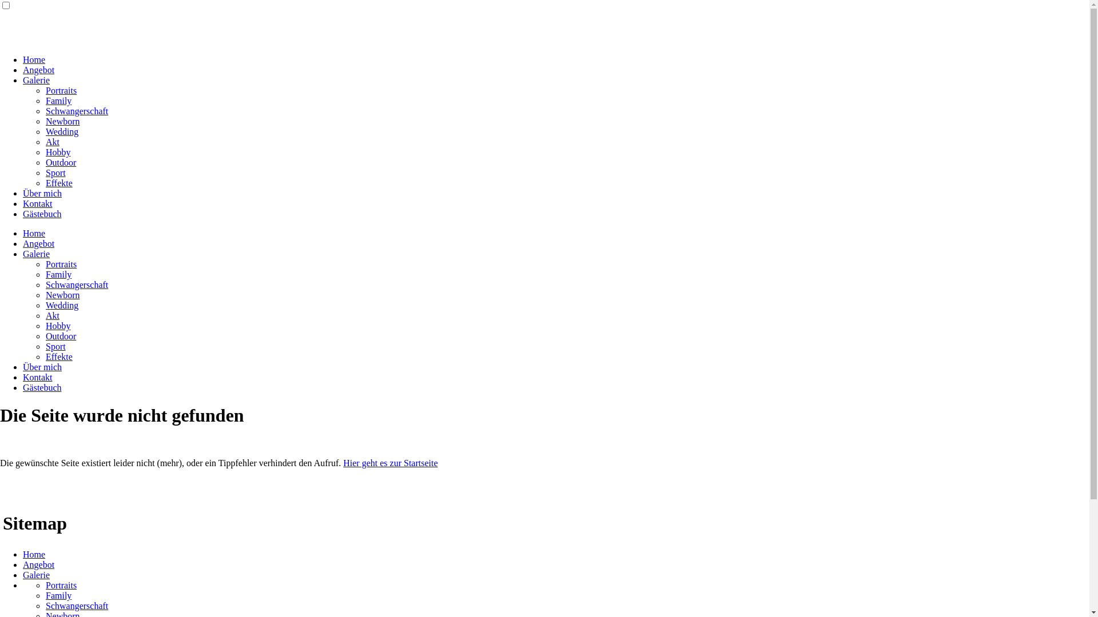 The height and width of the screenshot is (617, 1098). I want to click on 'Schwangerschaft', so click(76, 111).